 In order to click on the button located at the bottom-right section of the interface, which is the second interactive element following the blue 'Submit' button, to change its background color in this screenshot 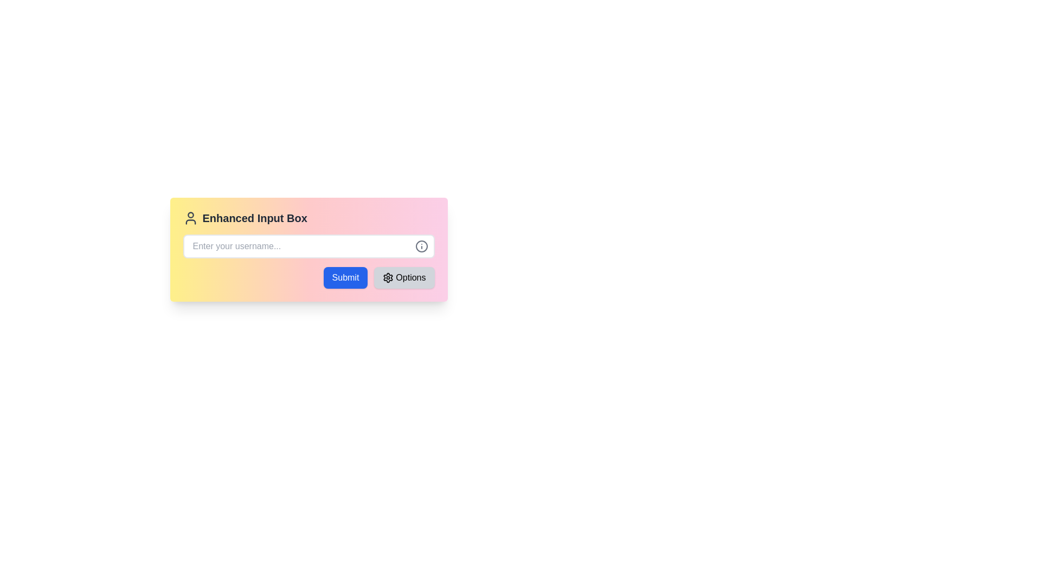, I will do `click(403, 277)`.